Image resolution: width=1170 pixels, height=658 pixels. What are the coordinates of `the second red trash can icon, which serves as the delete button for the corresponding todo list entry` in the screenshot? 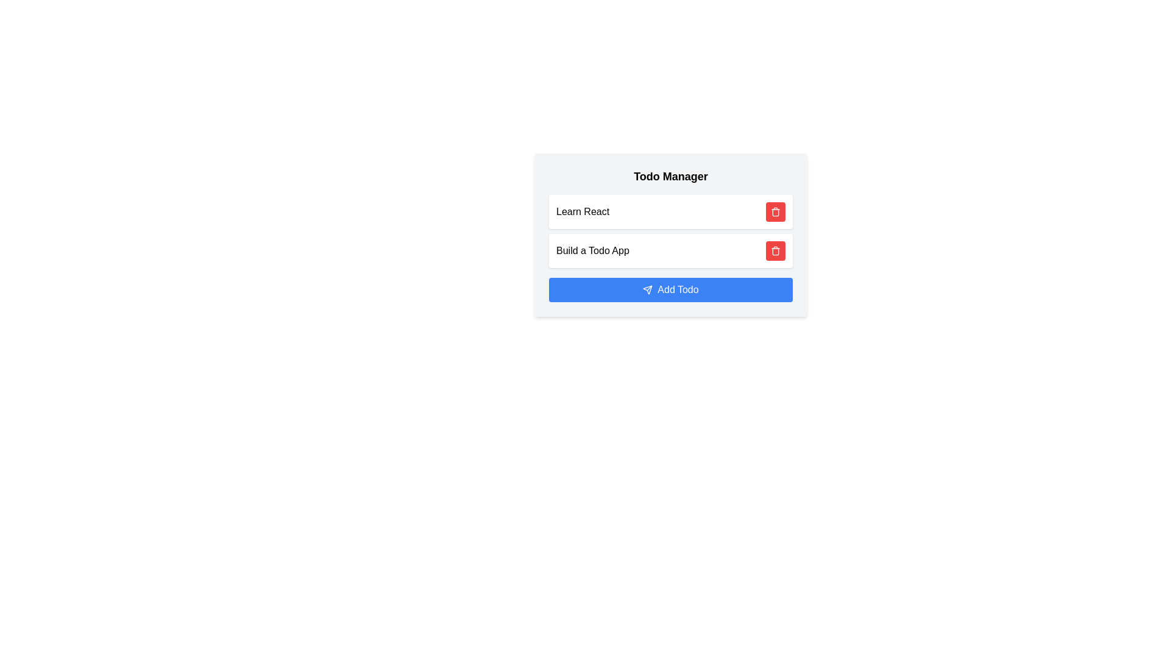 It's located at (775, 250).